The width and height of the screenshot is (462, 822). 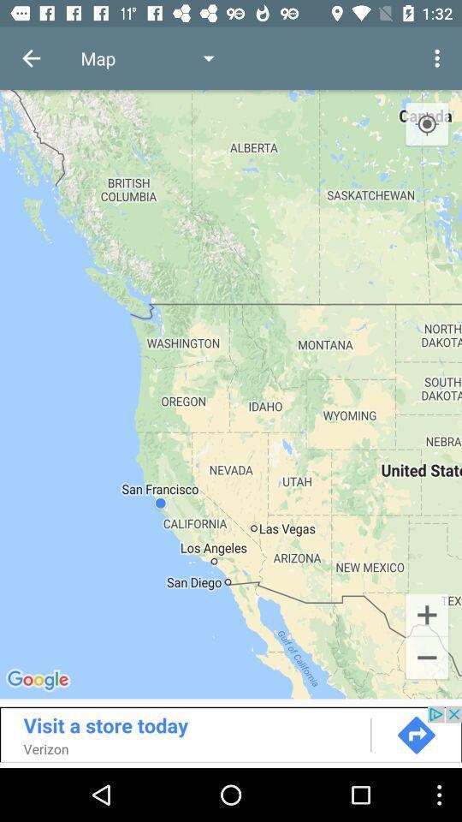 I want to click on advertisement banner, so click(x=231, y=733).